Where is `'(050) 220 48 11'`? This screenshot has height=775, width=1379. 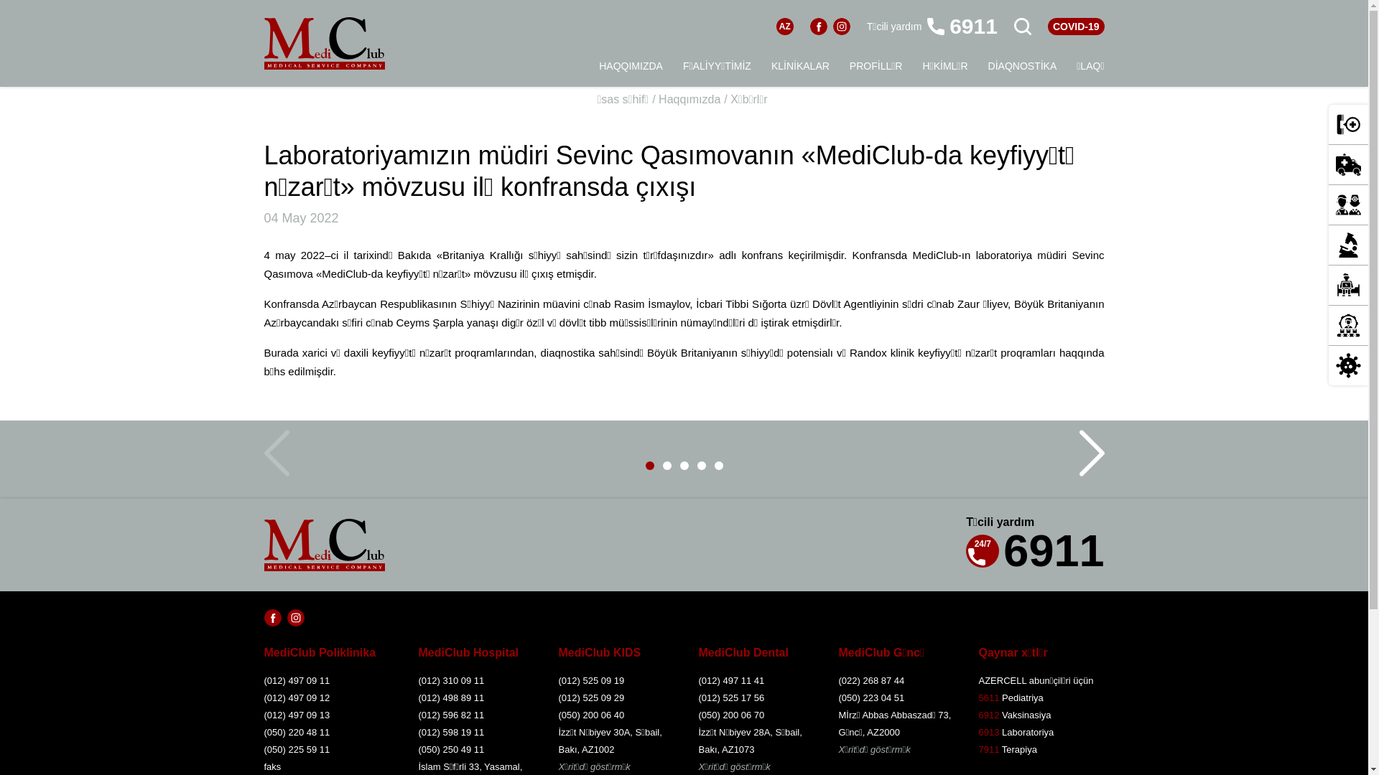
'(050) 220 48 11' is located at coordinates (328, 733).